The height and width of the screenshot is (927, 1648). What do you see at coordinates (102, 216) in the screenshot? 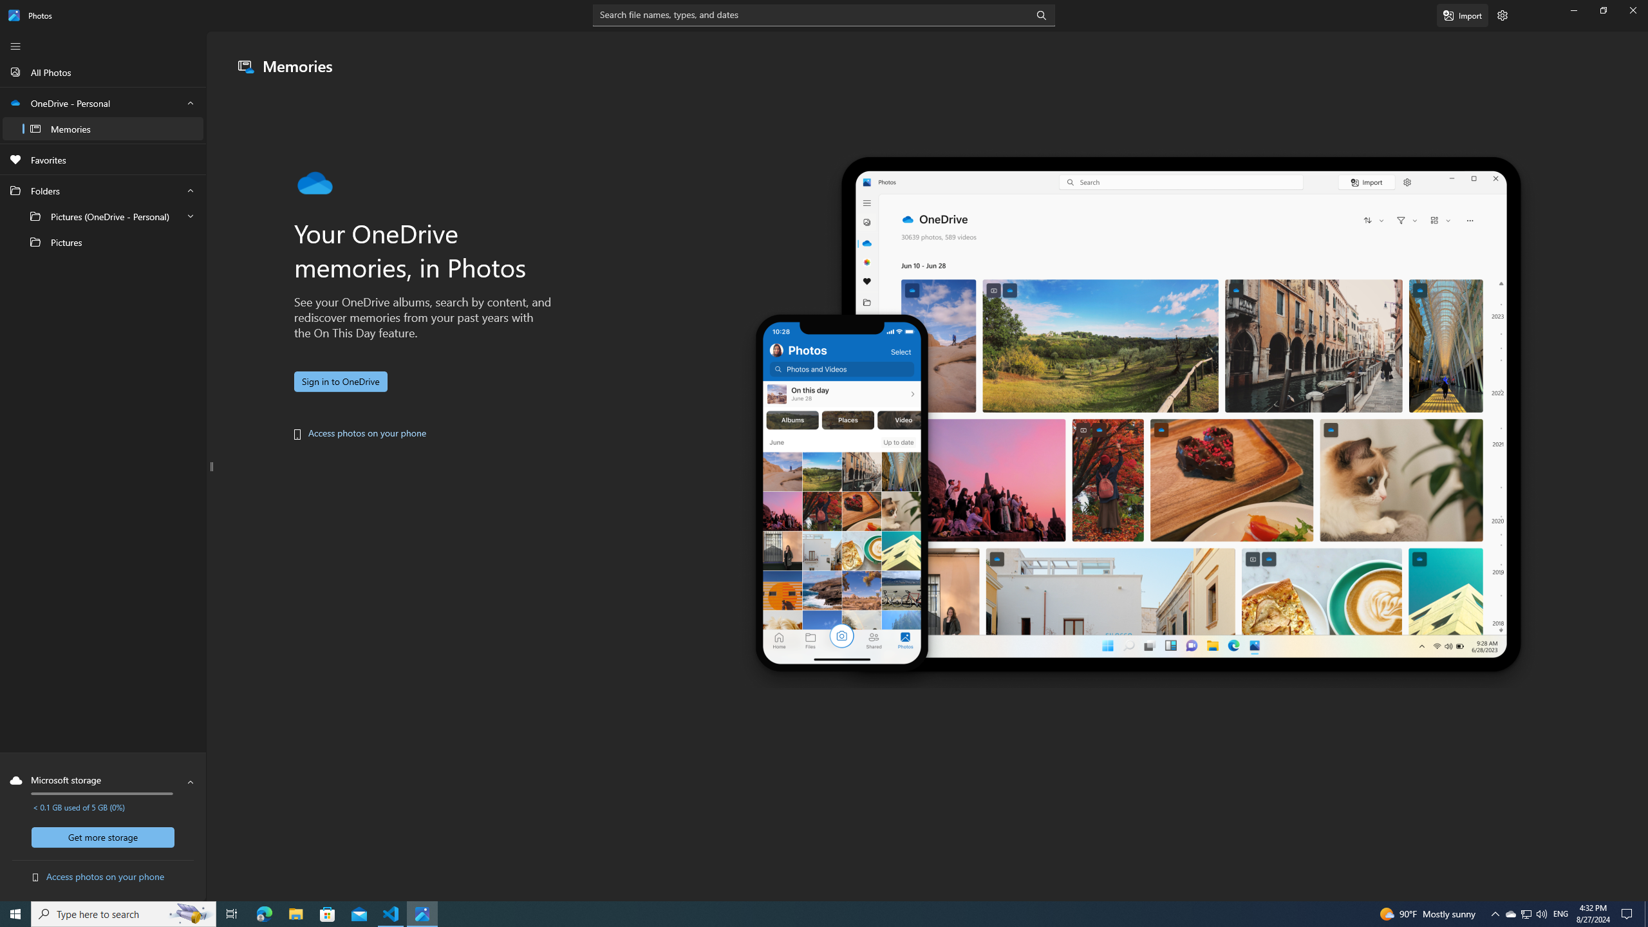
I see `'Pictures (OneDrive - Personal)'` at bounding box center [102, 216].